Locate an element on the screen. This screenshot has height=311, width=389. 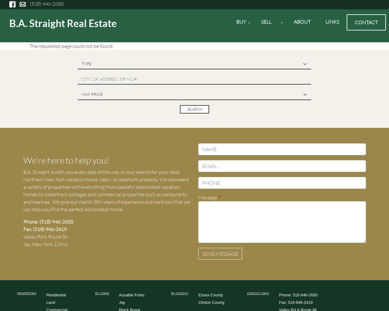
'We're here to help you!' is located at coordinates (65, 160).